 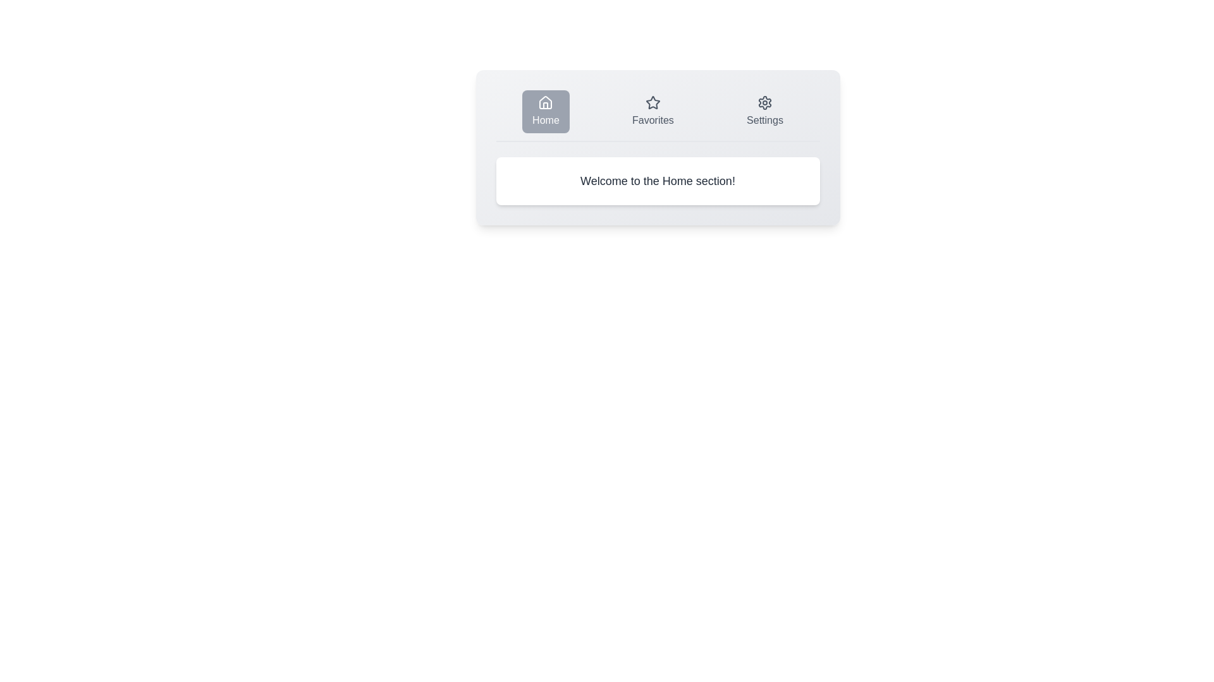 I want to click on the Favorites tab, so click(x=653, y=111).